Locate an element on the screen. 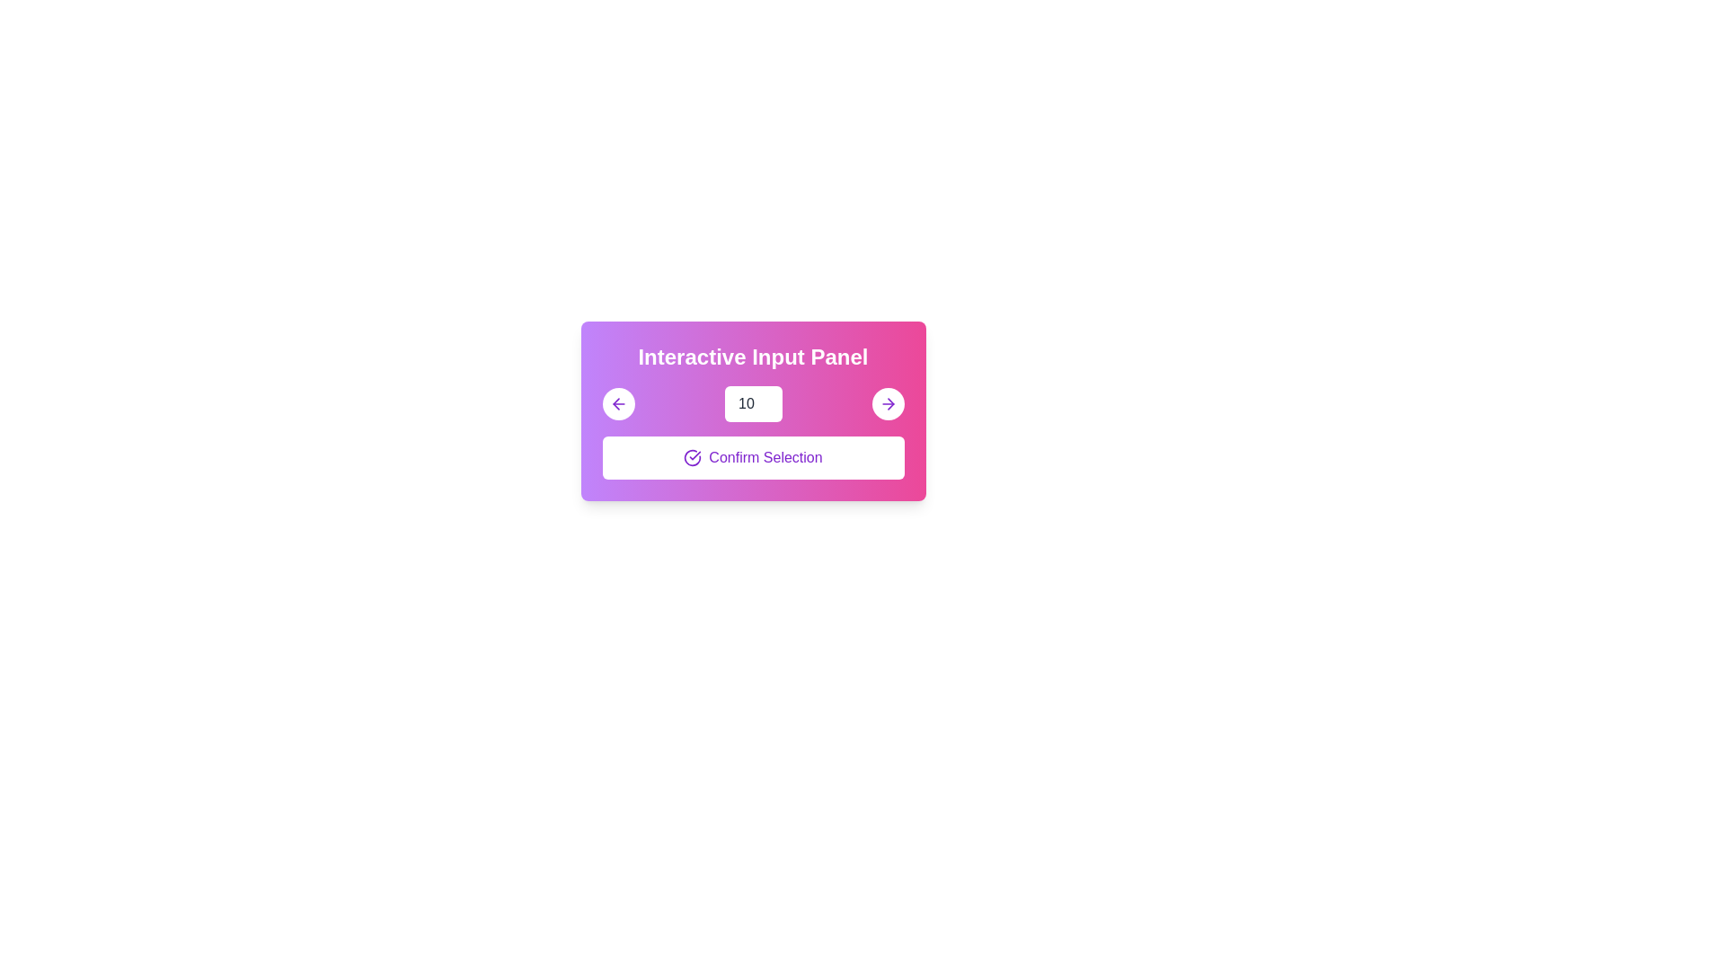  the leftmost circular button with a white background and a purple arrow pointing left to decrease the value is located at coordinates (618, 404).